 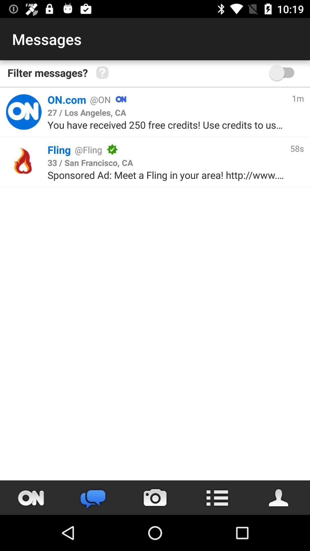 I want to click on icon below the 1m, so click(x=297, y=148).